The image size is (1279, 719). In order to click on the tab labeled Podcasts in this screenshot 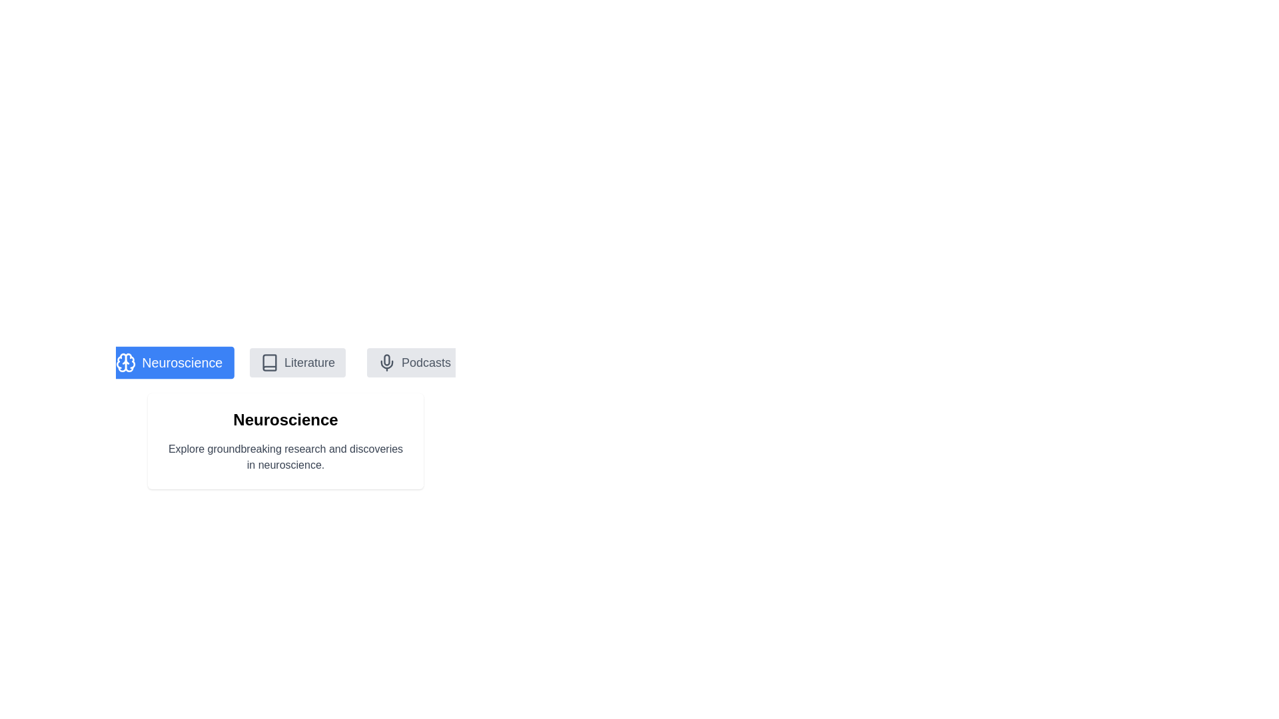, I will do `click(414, 362)`.